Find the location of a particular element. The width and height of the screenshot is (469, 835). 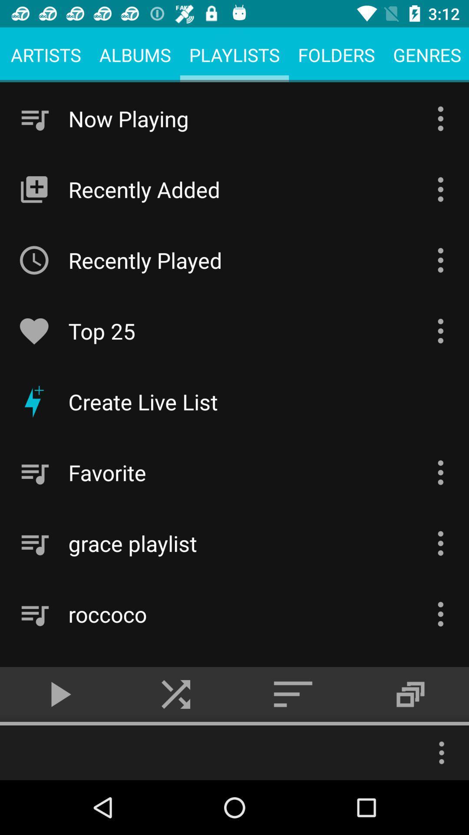

the facebook icon is located at coordinates (410, 694).